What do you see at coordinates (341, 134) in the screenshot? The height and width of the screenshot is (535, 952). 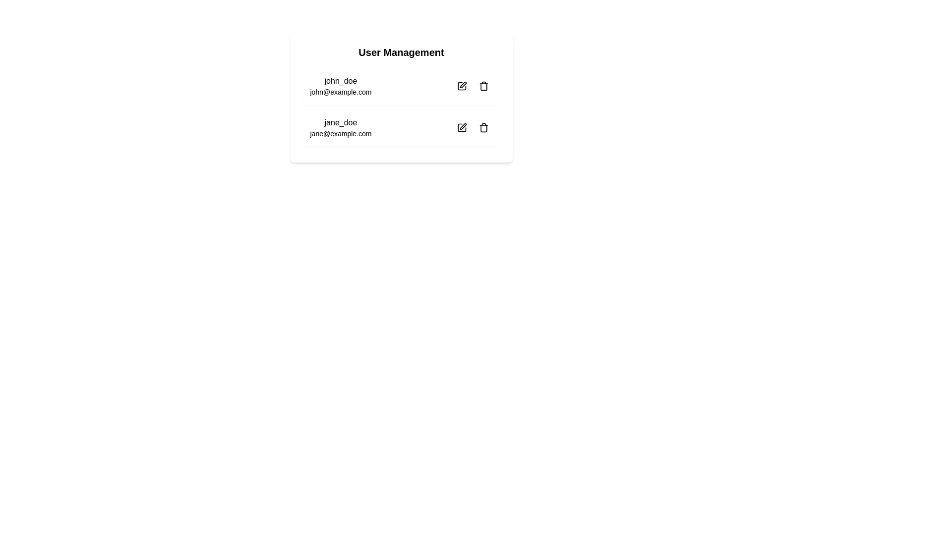 I see `the email address display text label located in the bottom right quadrant of the user management interface, positioned below the name 'jane_doe' and aligned with the edit and delete icons` at bounding box center [341, 134].